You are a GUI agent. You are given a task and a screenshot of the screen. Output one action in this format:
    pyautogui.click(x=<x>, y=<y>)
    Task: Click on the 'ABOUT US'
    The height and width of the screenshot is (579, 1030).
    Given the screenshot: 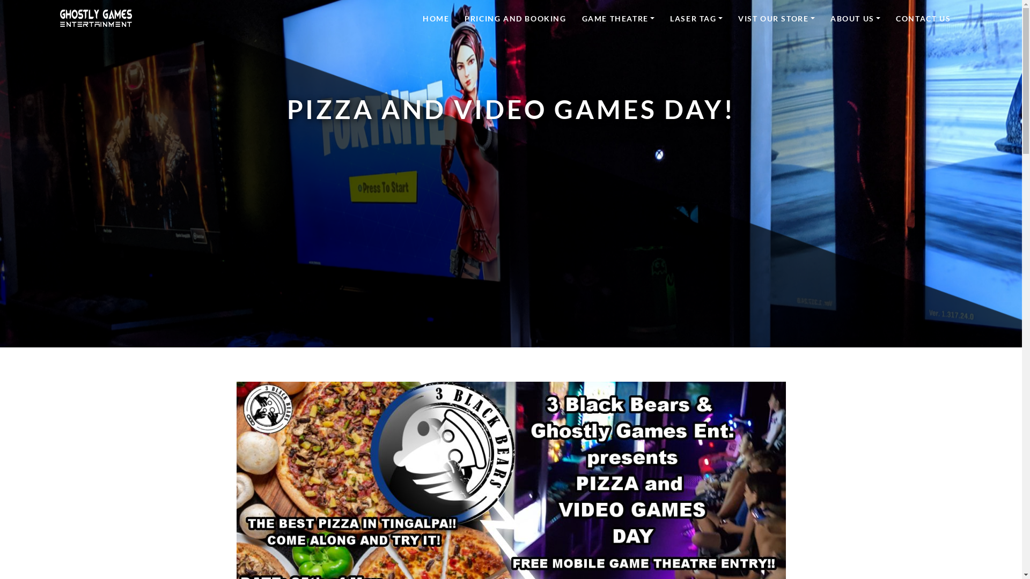 What is the action you would take?
    pyautogui.click(x=855, y=18)
    